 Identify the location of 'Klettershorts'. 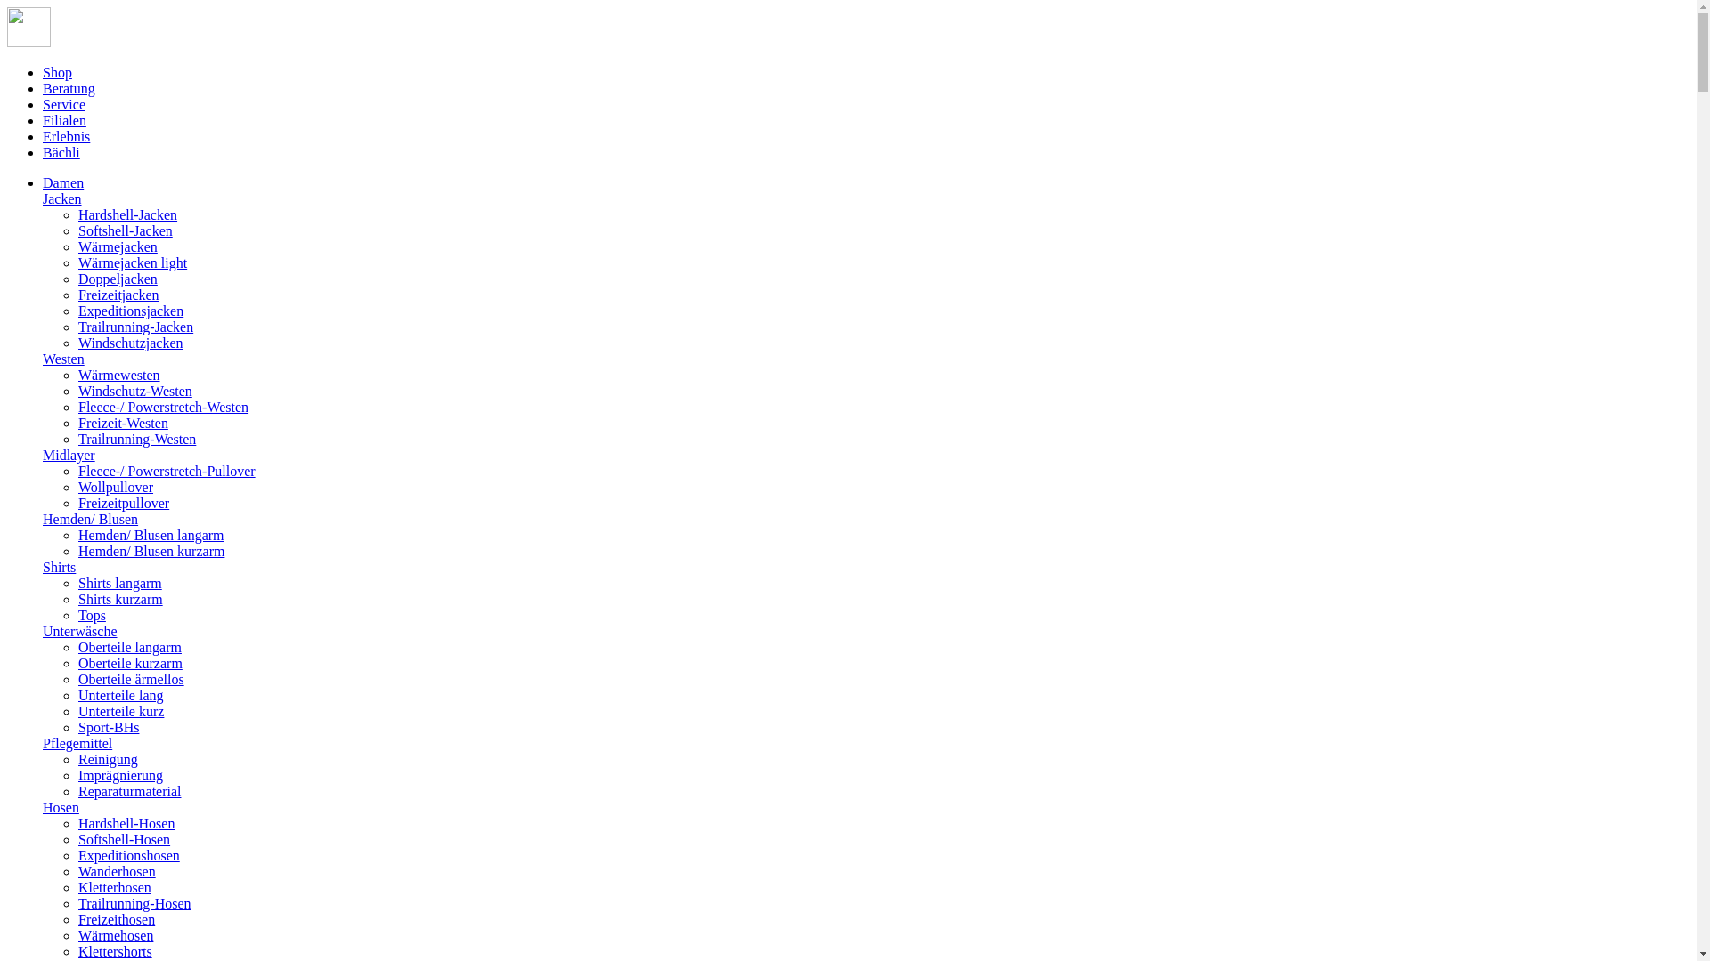
(77, 950).